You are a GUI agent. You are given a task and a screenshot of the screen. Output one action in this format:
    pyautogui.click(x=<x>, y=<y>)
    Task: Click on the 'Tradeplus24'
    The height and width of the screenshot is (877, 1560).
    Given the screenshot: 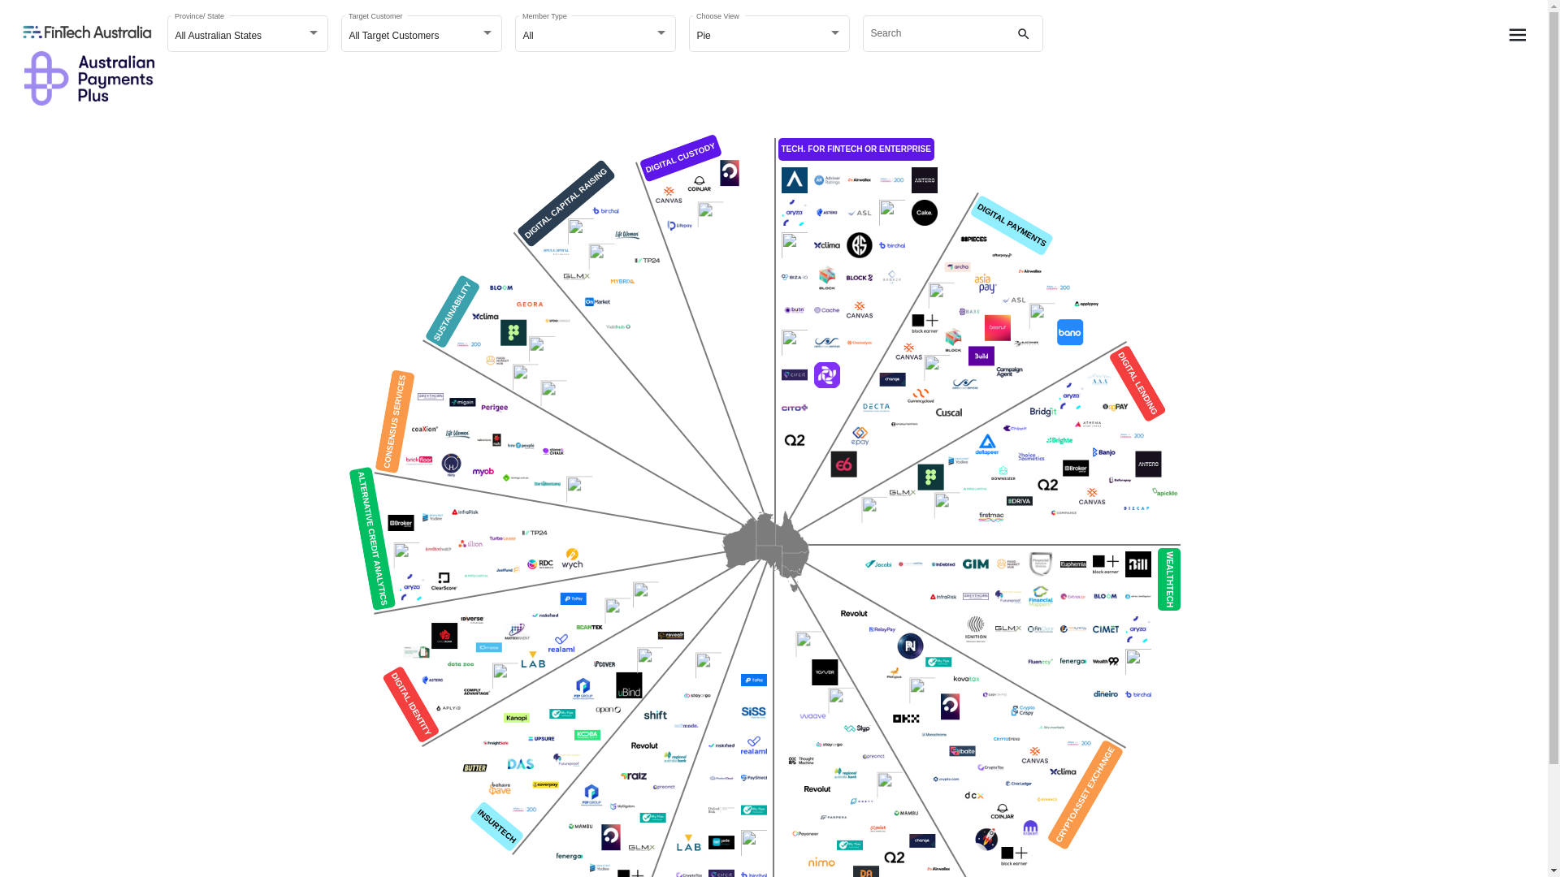 What is the action you would take?
    pyautogui.click(x=534, y=532)
    